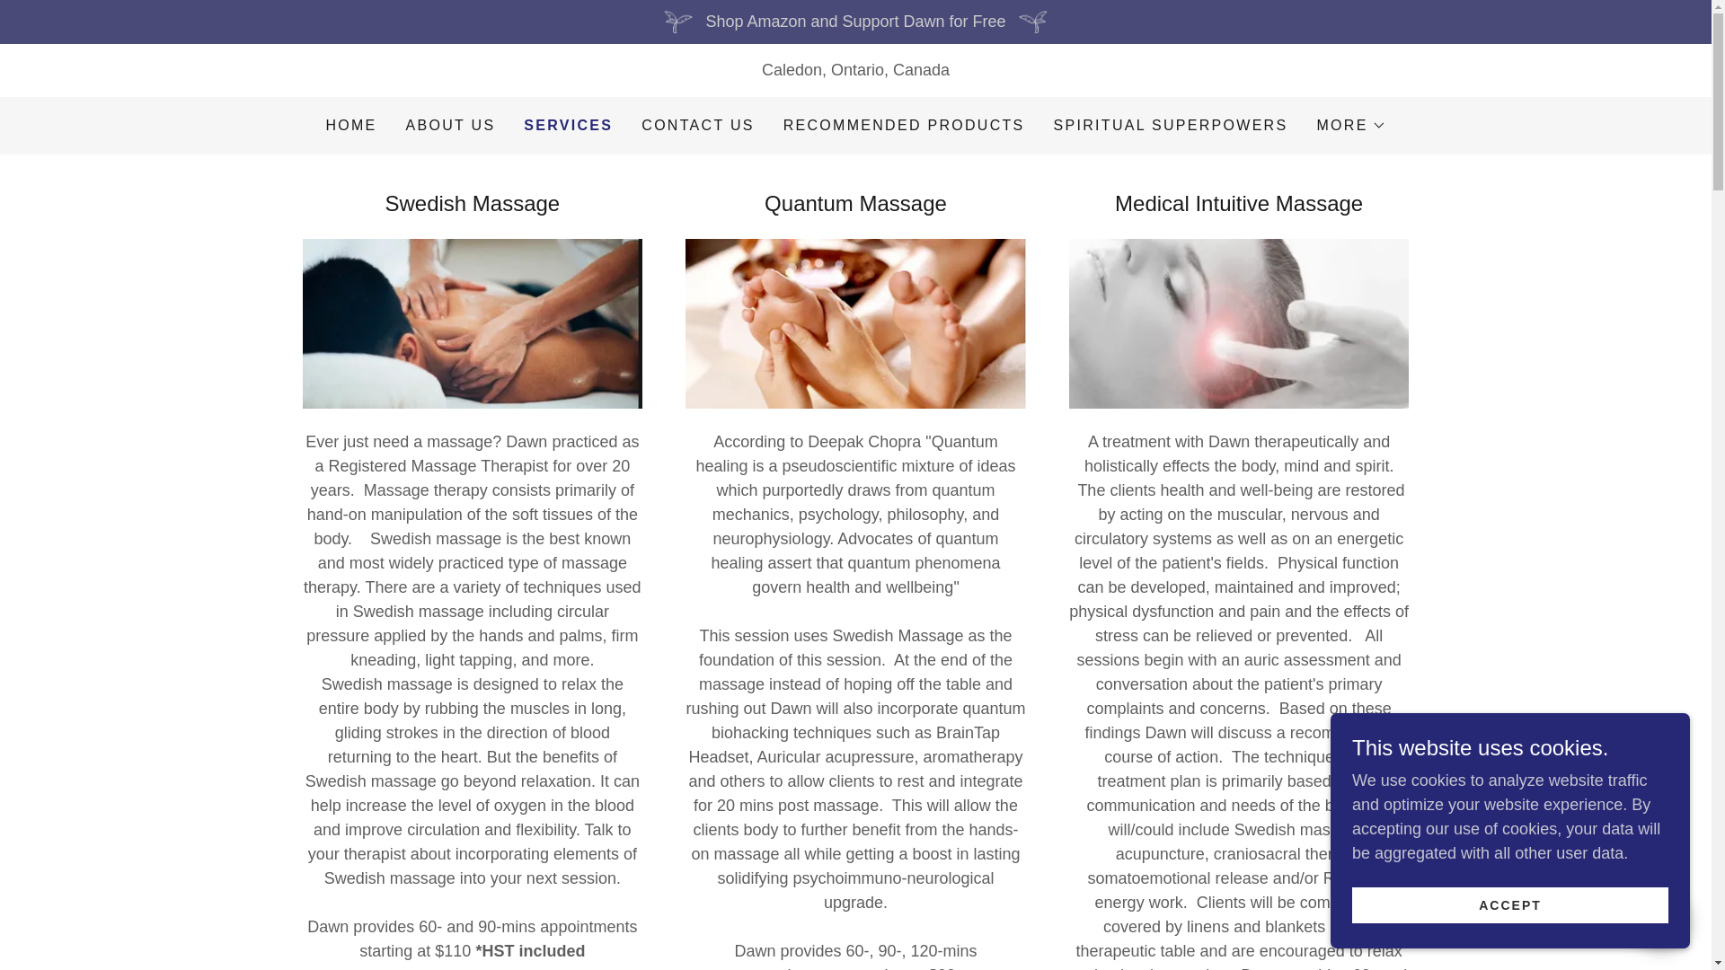 The width and height of the screenshot is (1725, 970). Describe the element at coordinates (904, 124) in the screenshot. I see `'RECOMMENDED PRODUCTS'` at that location.